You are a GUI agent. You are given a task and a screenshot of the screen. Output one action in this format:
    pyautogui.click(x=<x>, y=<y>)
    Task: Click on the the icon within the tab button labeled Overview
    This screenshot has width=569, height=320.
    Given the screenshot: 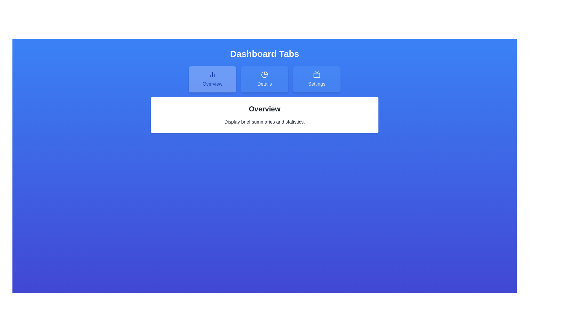 What is the action you would take?
    pyautogui.click(x=212, y=74)
    